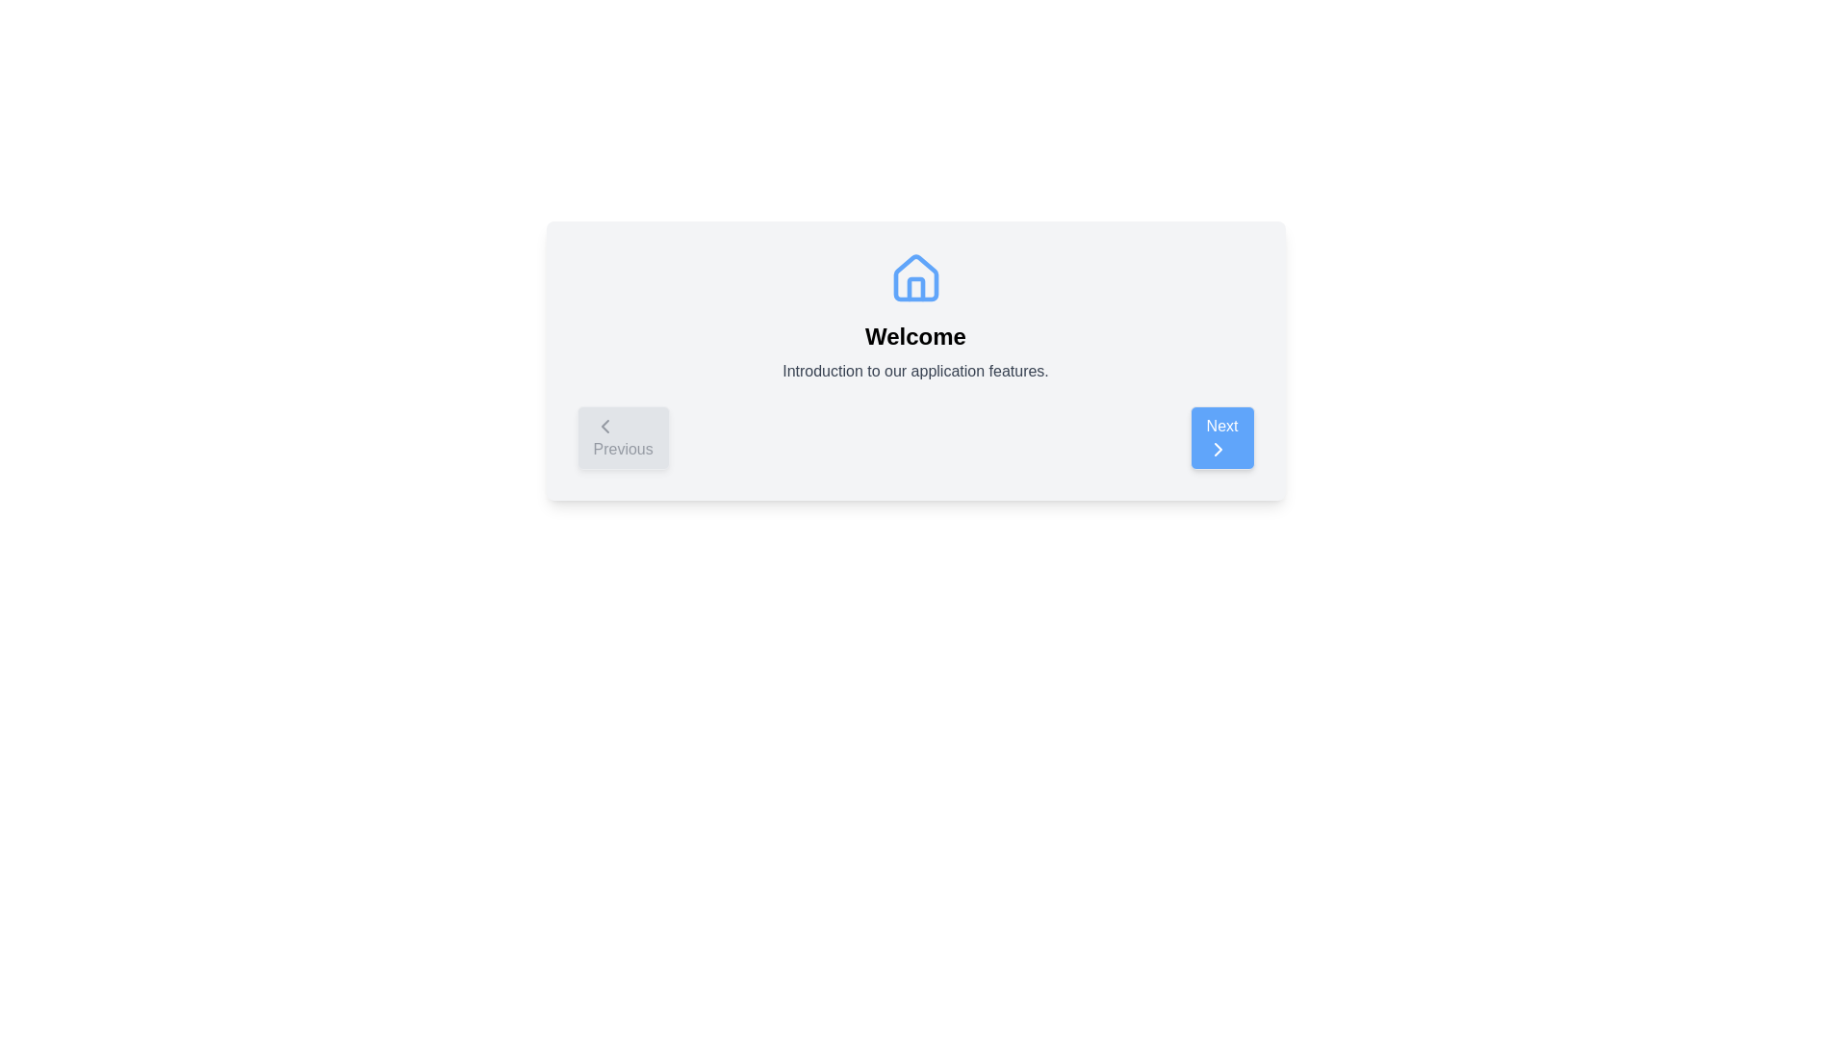  What do you see at coordinates (1217, 449) in the screenshot?
I see `the 'Next' button located in the lower right area of a white card section` at bounding box center [1217, 449].